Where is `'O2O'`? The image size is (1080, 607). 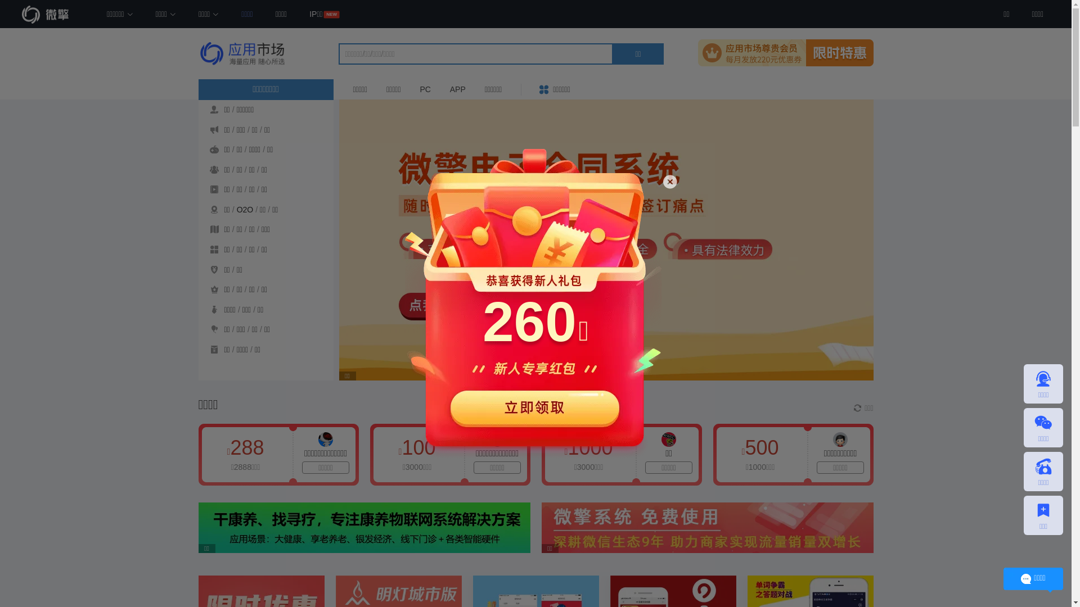
'O2O' is located at coordinates (245, 210).